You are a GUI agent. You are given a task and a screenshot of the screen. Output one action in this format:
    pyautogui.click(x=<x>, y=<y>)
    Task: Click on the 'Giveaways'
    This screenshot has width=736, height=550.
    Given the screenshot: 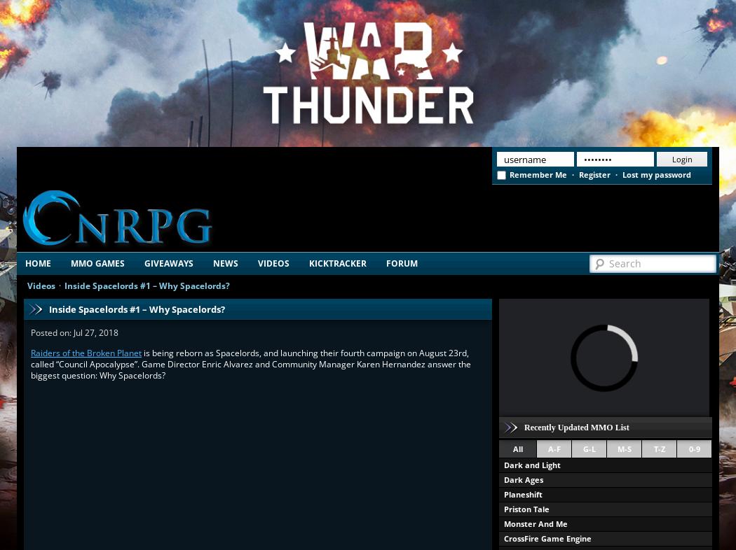 What is the action you would take?
    pyautogui.click(x=168, y=263)
    